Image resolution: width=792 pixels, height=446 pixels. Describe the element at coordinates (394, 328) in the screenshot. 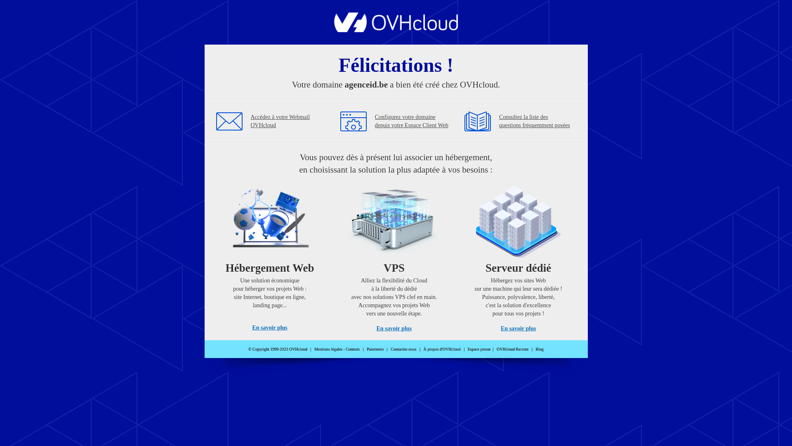

I see `'En savoir plus'` at that location.